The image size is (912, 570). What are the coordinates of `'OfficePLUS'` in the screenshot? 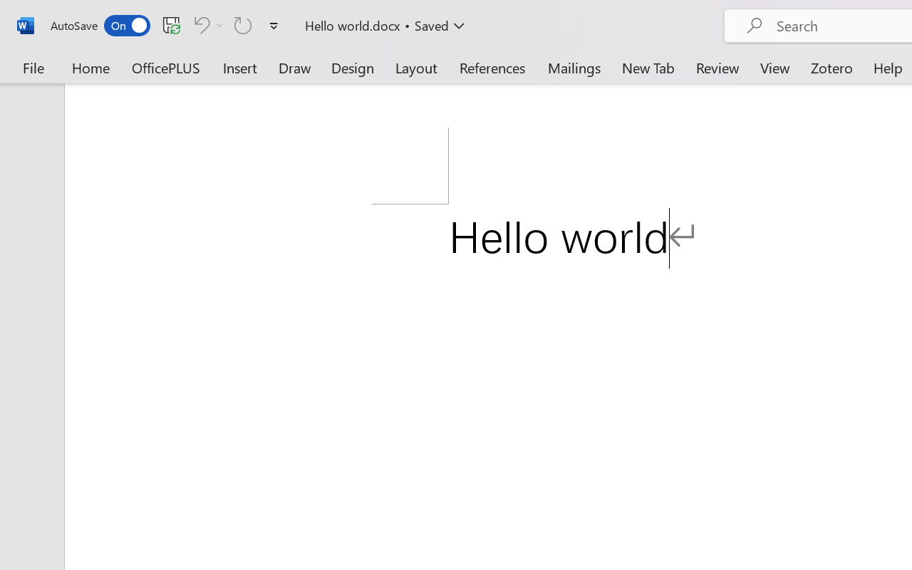 It's located at (166, 67).